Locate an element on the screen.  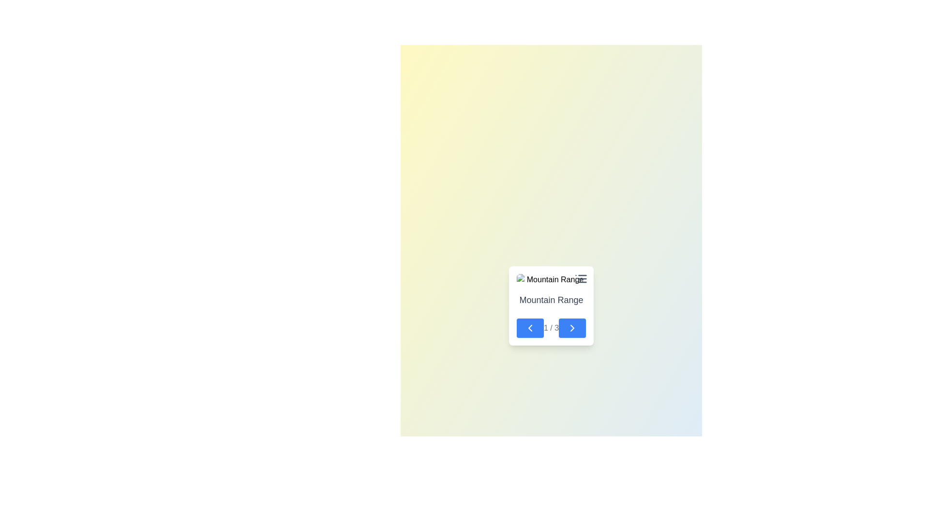
the Navigation button icon, which is a rightward-pointing chevron inside a small blue circular button, located to the right of the '1 / 3' text is located at coordinates (572, 327).